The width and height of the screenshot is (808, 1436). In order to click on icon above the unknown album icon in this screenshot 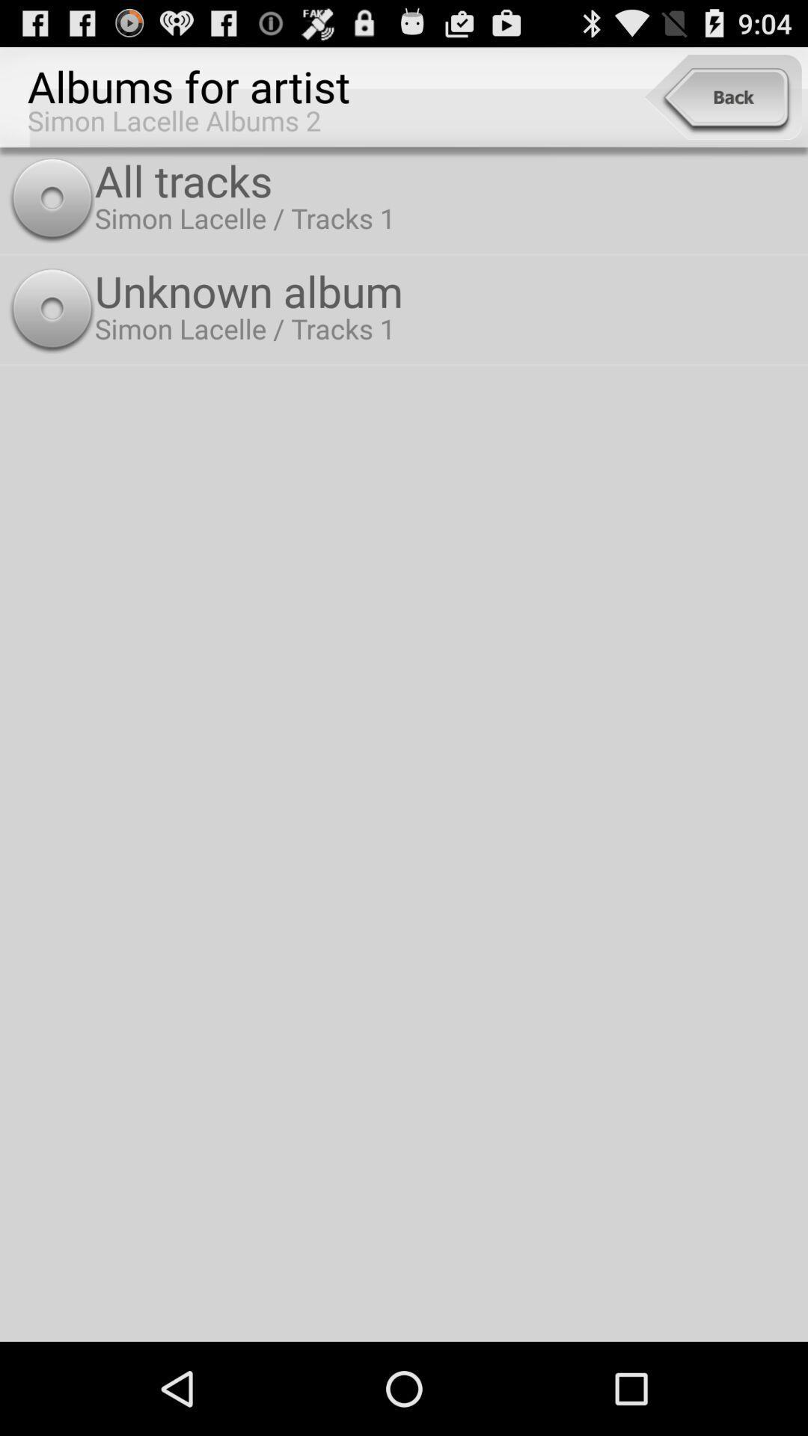, I will do `click(447, 179)`.